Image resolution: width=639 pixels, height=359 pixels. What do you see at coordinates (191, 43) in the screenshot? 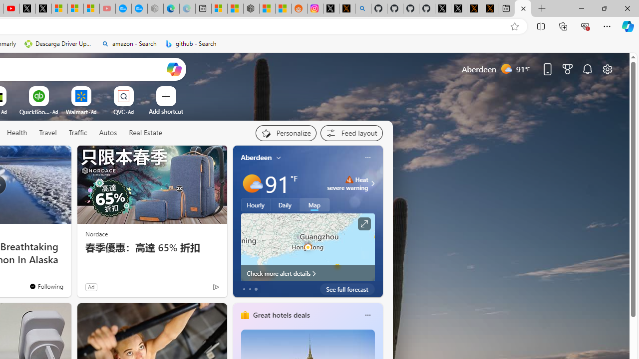
I see `'github - Search'` at bounding box center [191, 43].